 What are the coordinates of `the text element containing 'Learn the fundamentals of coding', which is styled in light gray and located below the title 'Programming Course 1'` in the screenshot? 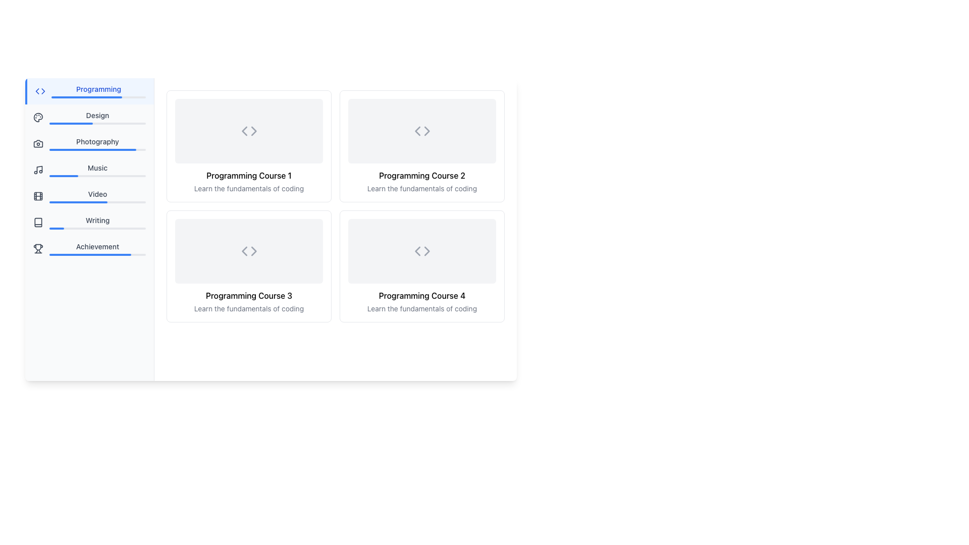 It's located at (249, 189).